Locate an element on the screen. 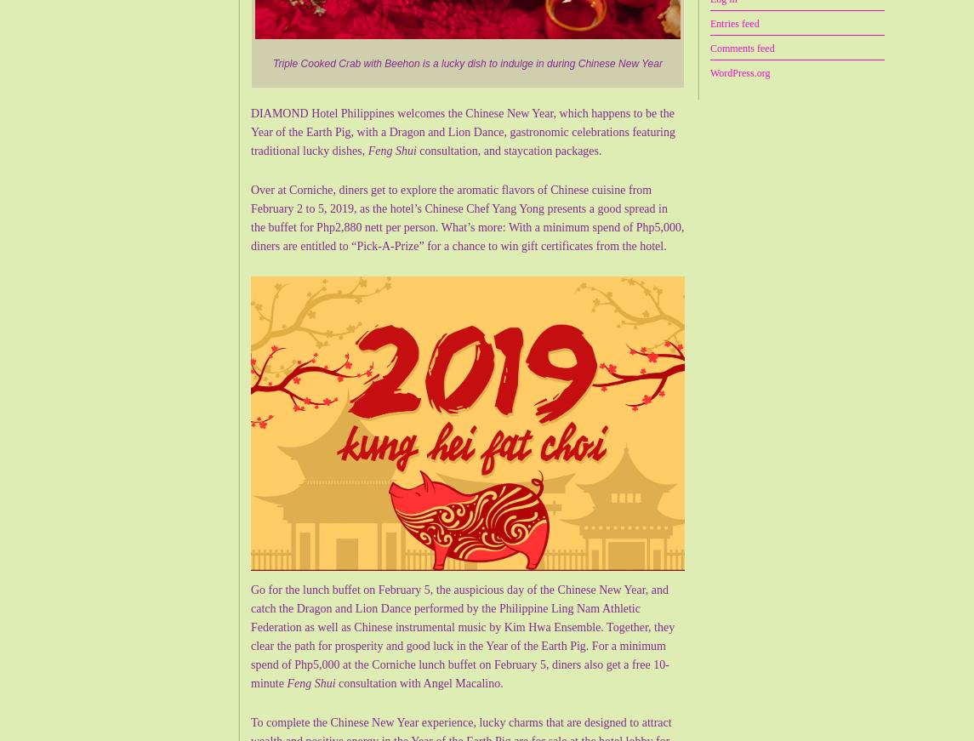 Image resolution: width=974 pixels, height=741 pixels. 'Entries feed' is located at coordinates (734, 22).